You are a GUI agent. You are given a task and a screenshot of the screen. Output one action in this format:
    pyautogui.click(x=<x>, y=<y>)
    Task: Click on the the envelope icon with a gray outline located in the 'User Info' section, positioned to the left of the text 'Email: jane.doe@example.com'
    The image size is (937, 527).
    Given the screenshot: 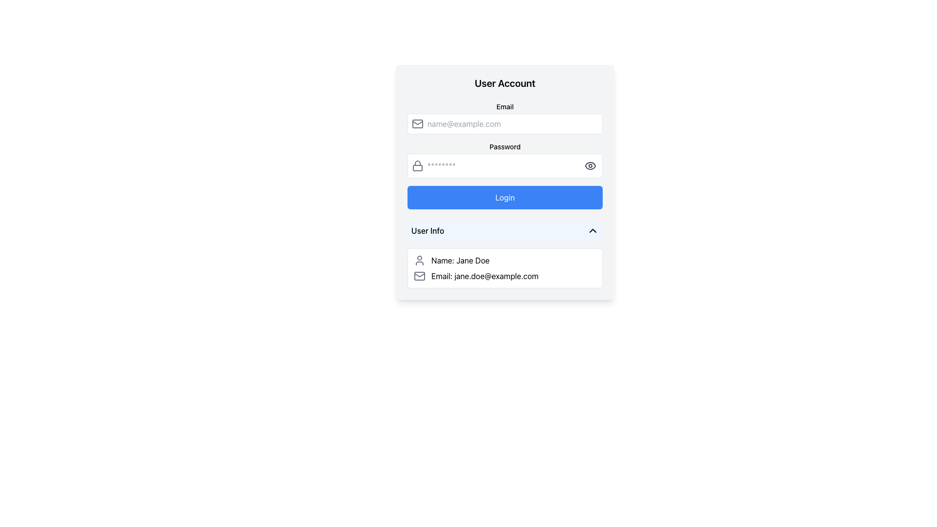 What is the action you would take?
    pyautogui.click(x=419, y=276)
    